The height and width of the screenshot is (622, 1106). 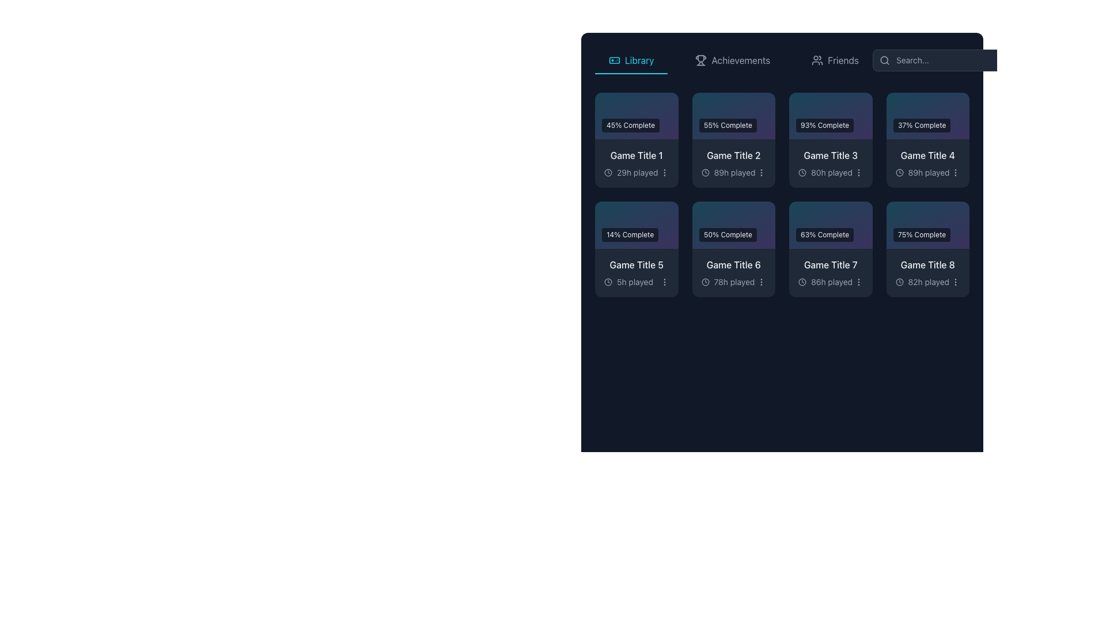 I want to click on the circular clock icon located in the second card from the left in the top row of the game's library grid, positioned beneath the title and above the text '89h played', so click(x=704, y=173).